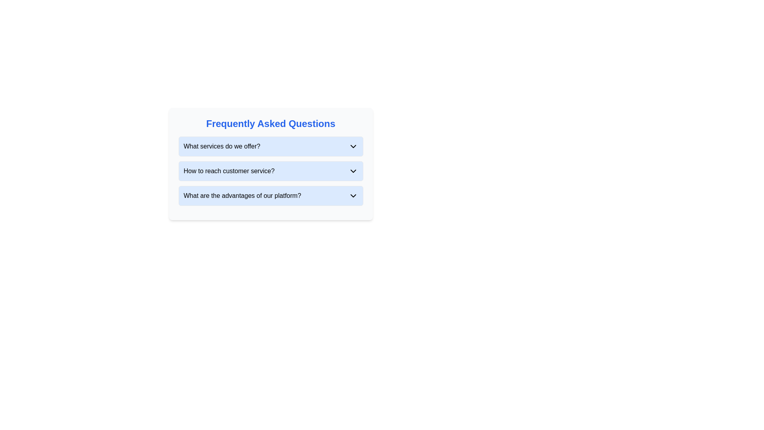  Describe the element at coordinates (353, 196) in the screenshot. I see `the downward-facing chevron icon with a rounded design, located to the right of the text 'What are the advantages of our platform?'` at that location.